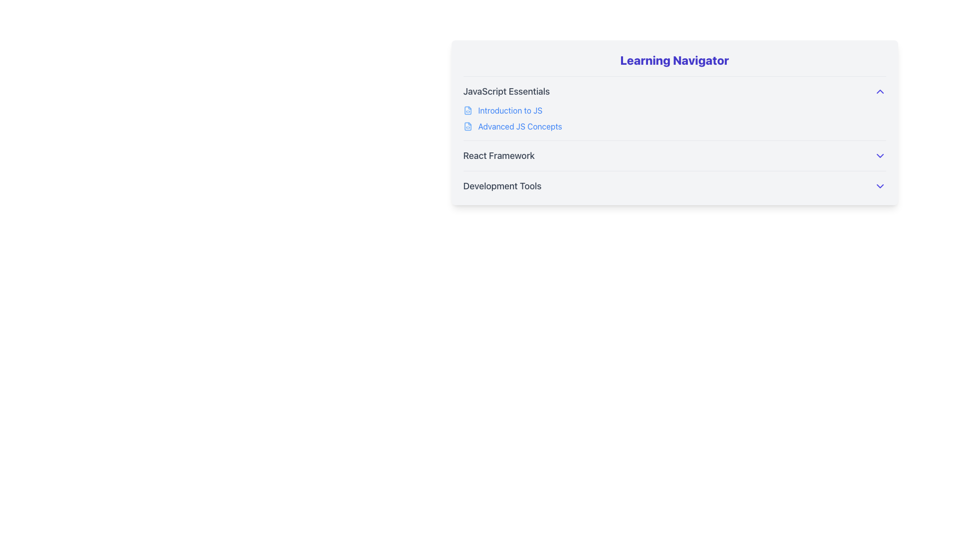  What do you see at coordinates (880, 186) in the screenshot?
I see `the toggle icon for the 'Development Tools' menu section` at bounding box center [880, 186].